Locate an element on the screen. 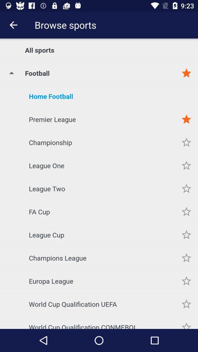 Image resolution: width=198 pixels, height=352 pixels. mark as favorite is located at coordinates (186, 280).